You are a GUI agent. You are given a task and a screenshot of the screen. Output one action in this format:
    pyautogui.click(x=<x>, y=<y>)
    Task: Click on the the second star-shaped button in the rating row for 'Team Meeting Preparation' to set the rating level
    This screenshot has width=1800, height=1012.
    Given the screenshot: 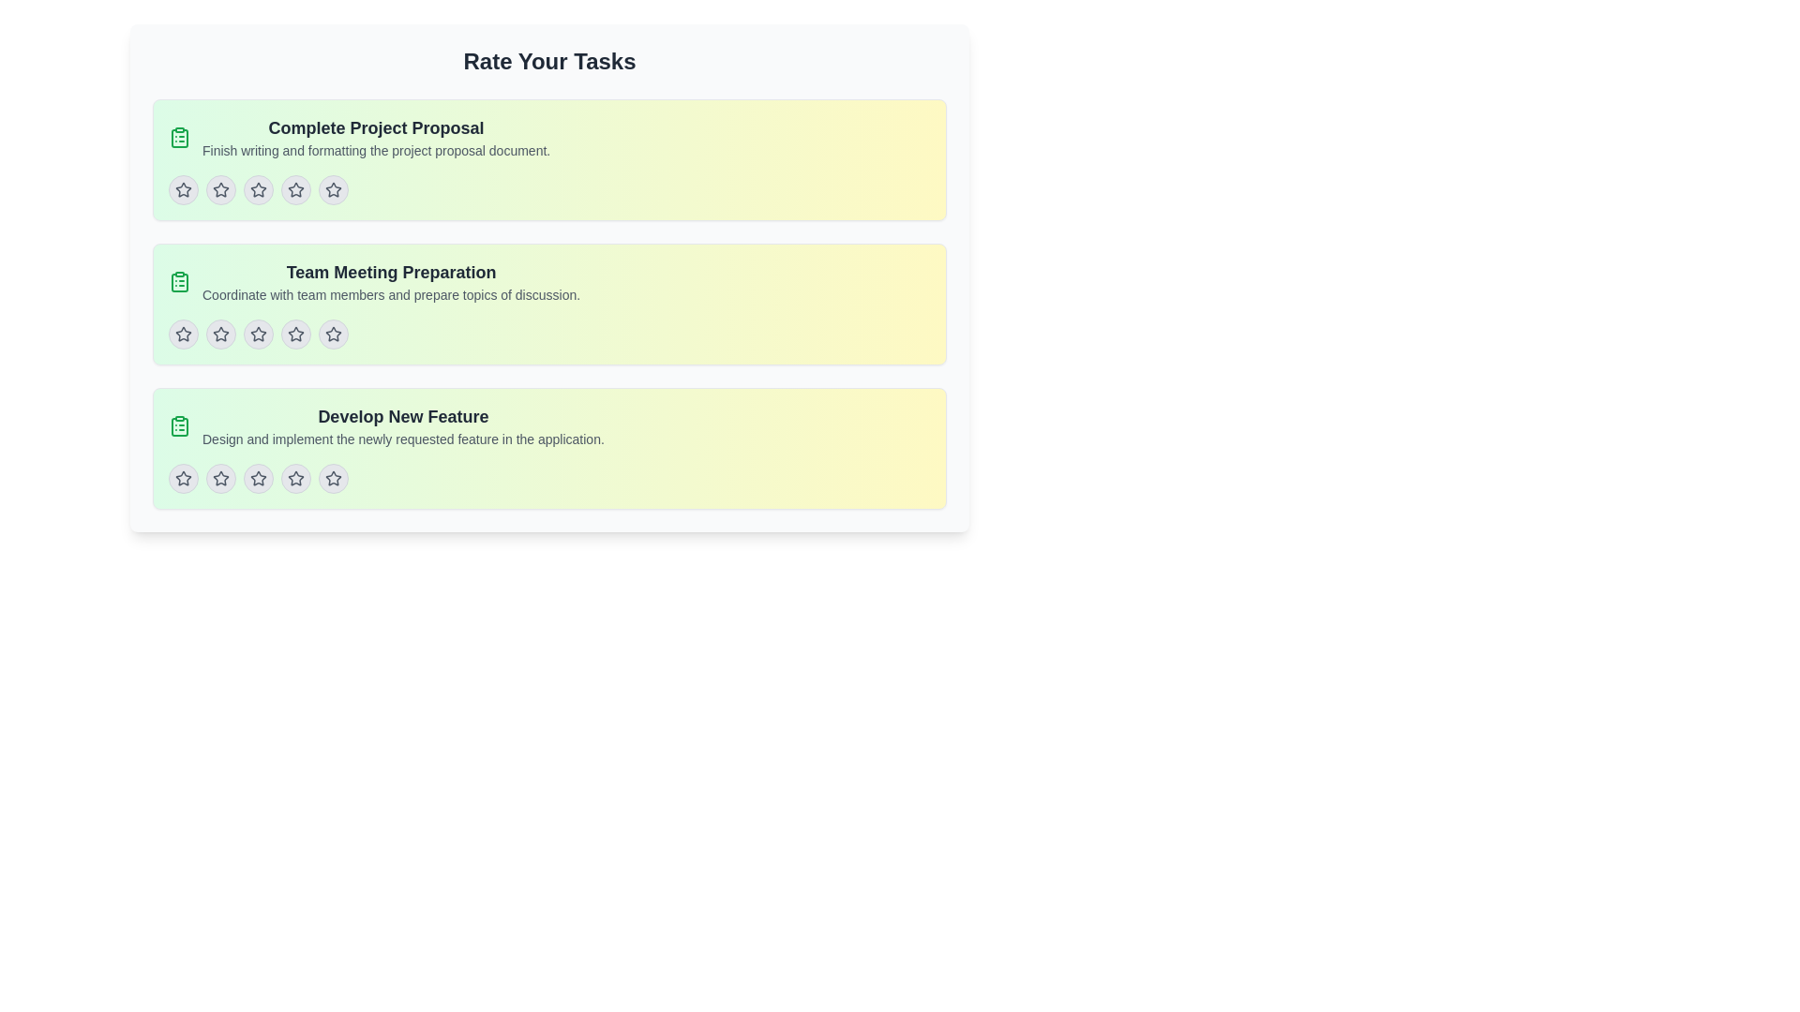 What is the action you would take?
    pyautogui.click(x=220, y=334)
    